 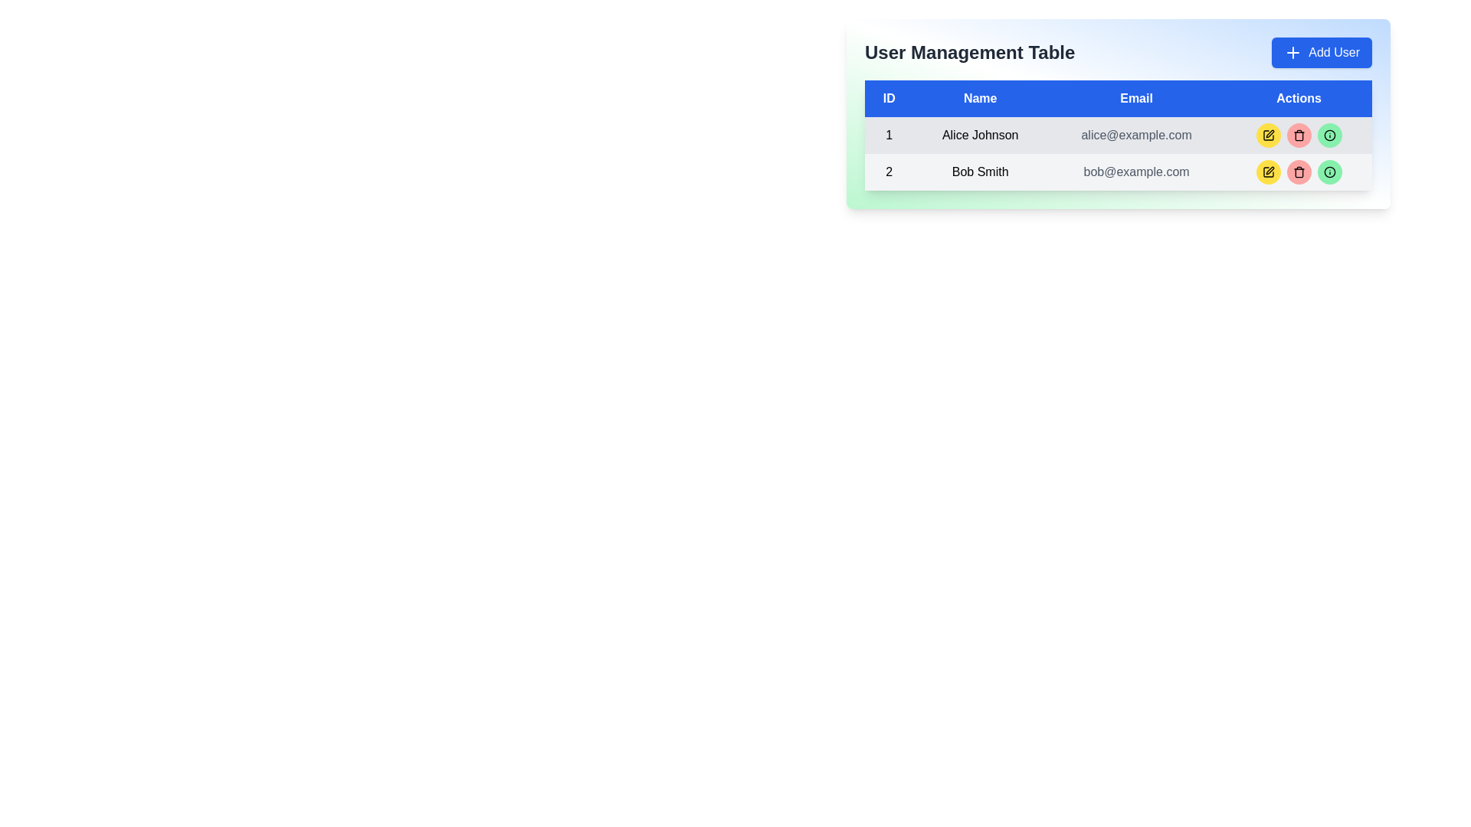 I want to click on the title or header element located at the upper left of the user management interface, which provides context for the table below it, so click(x=969, y=52).